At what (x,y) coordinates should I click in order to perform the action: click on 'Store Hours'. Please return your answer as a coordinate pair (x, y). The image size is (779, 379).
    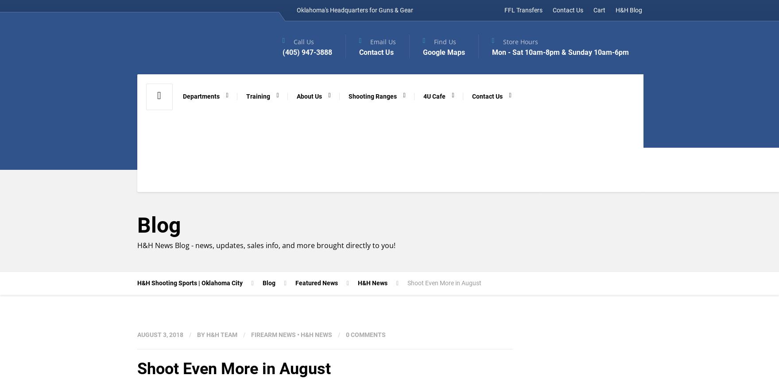
    Looking at the image, I should click on (503, 41).